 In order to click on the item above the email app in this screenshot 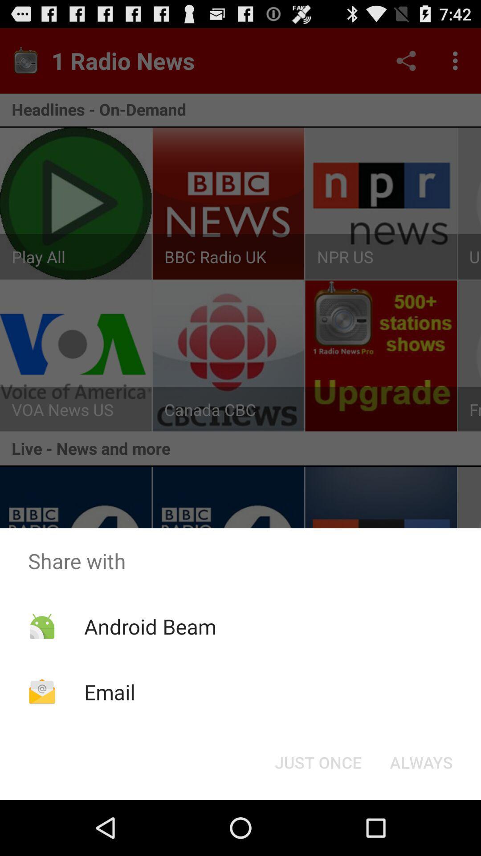, I will do `click(150, 626)`.